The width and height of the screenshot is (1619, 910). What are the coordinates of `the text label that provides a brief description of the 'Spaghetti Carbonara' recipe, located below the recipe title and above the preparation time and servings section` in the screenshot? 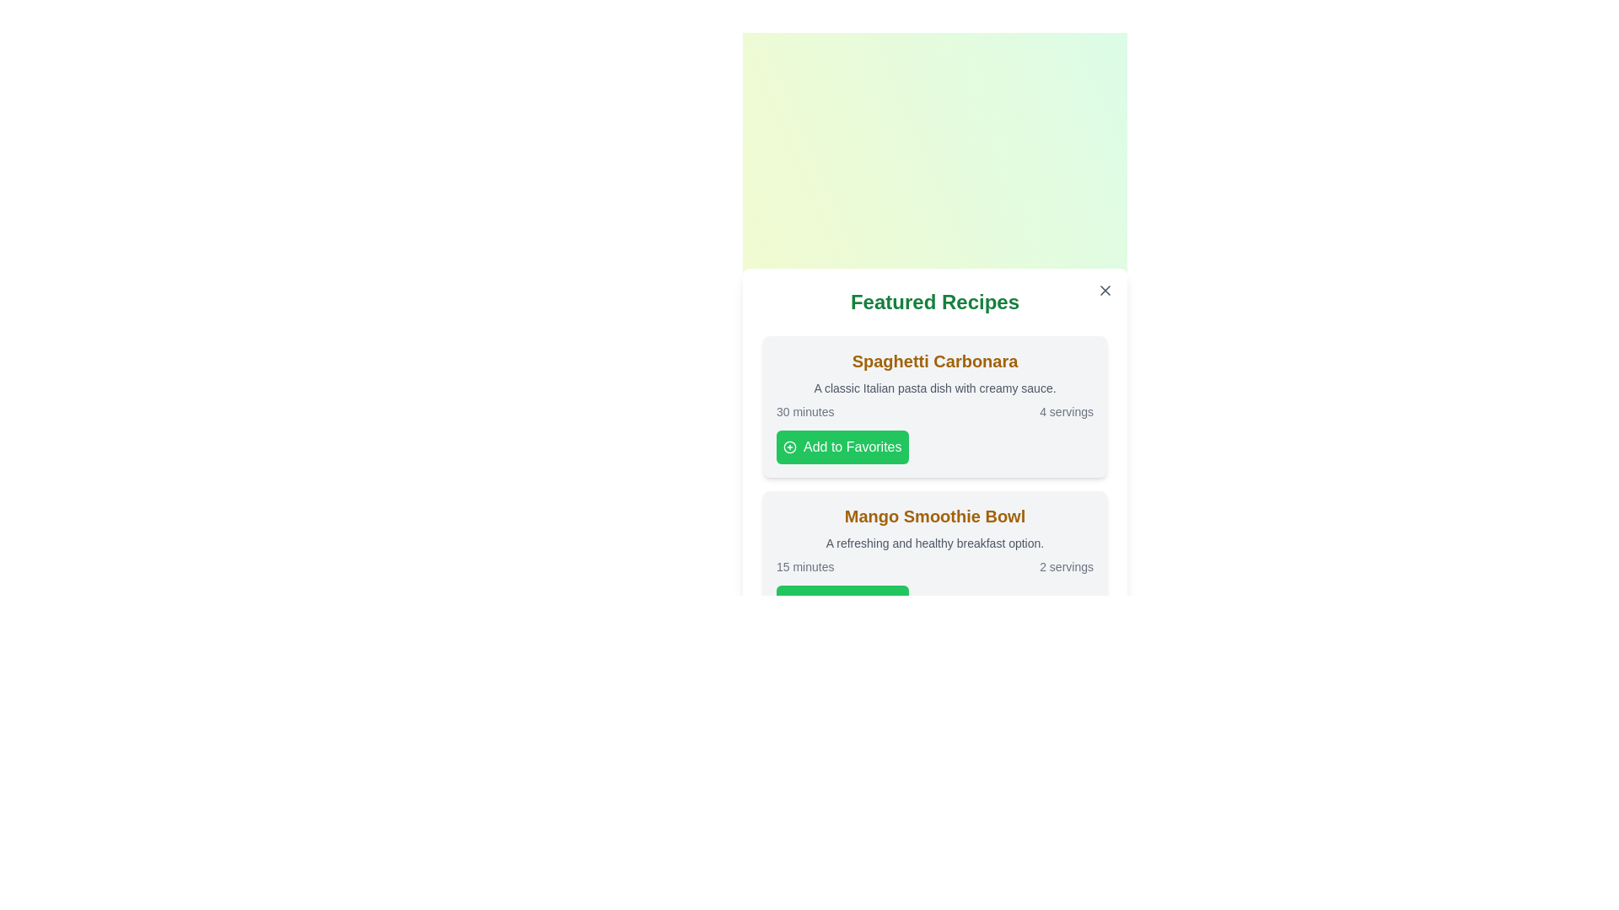 It's located at (933, 388).